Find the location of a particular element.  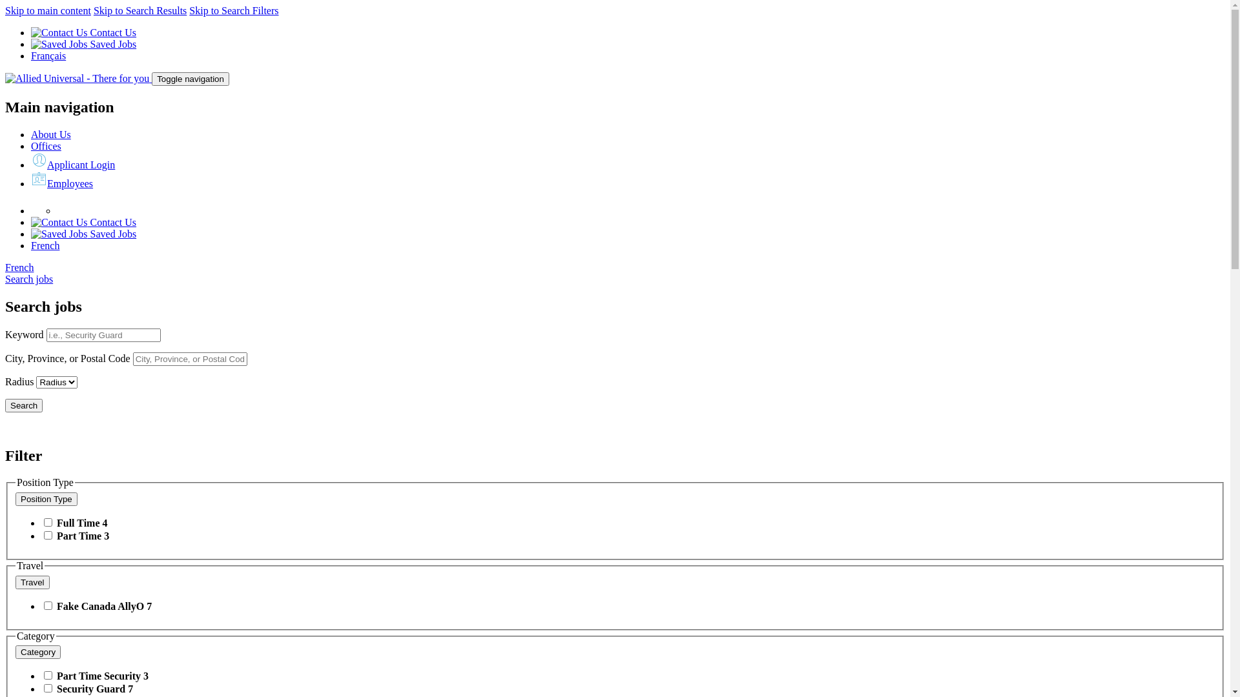

'Offices' is located at coordinates (46, 145).